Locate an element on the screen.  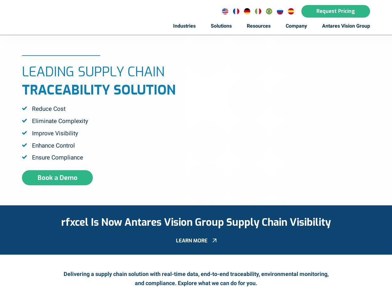
'Edge Warehouse Solution' is located at coordinates (217, 176).